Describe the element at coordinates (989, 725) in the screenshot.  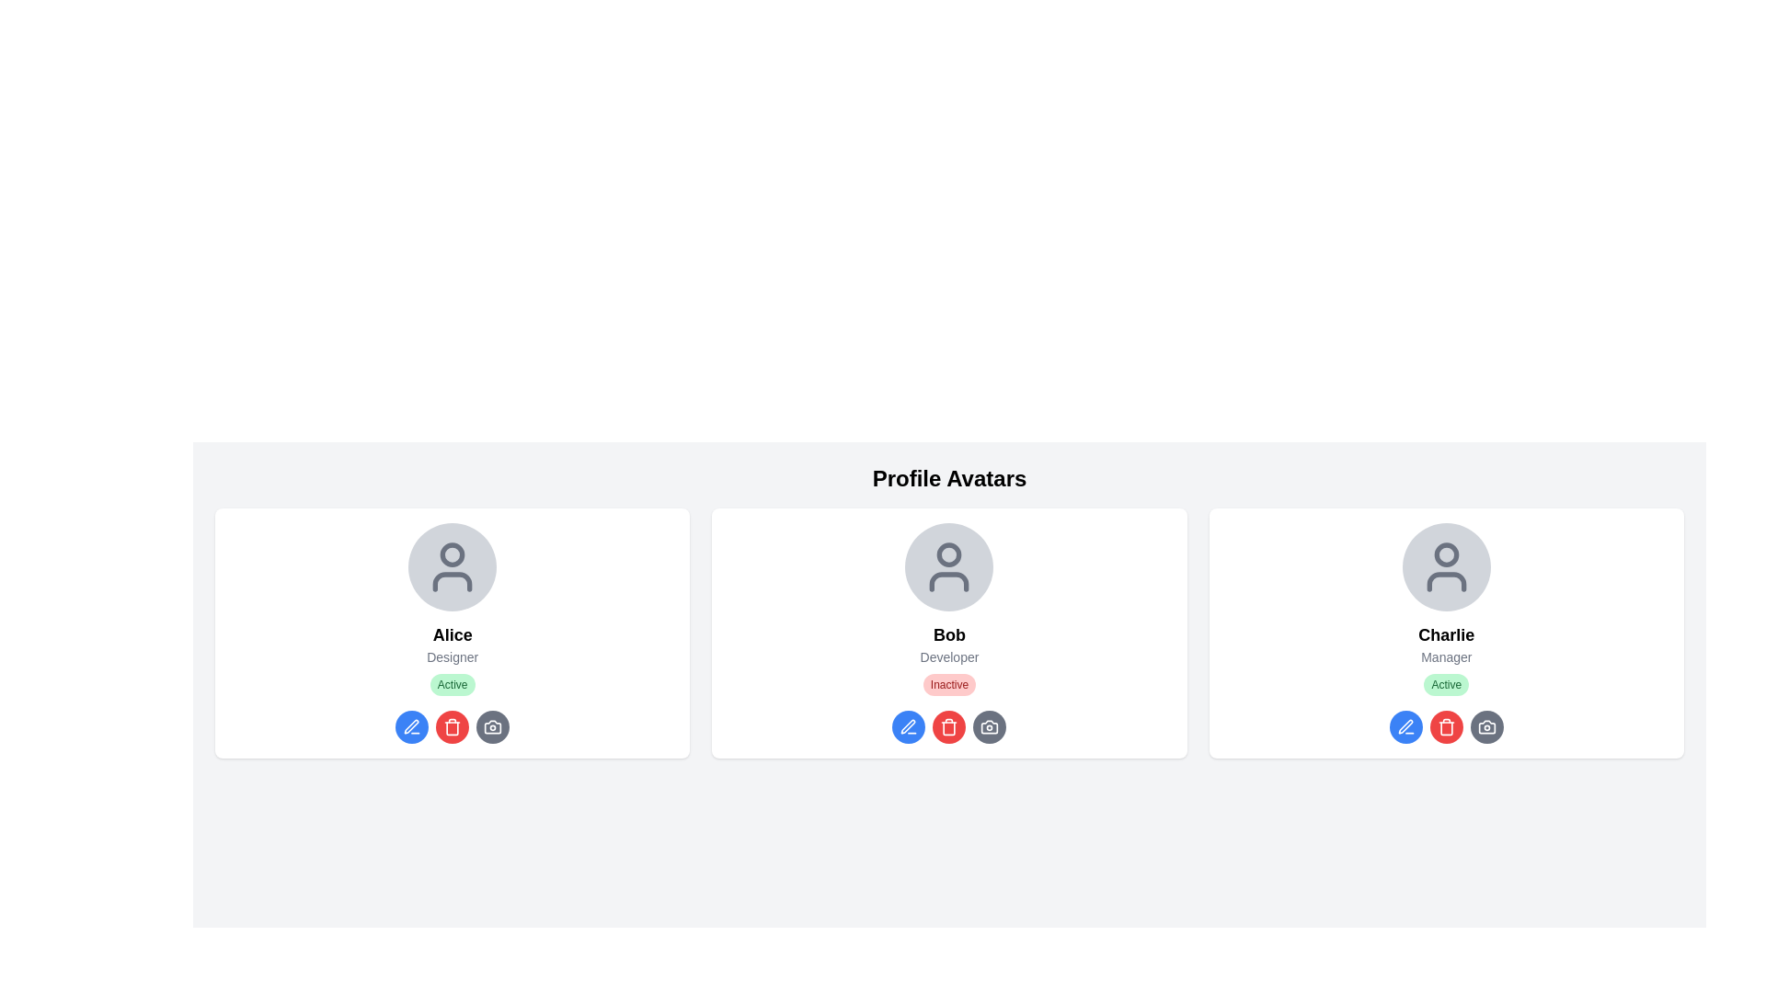
I see `the rightmost camera icon in the actions section below Bob's profile card` at that location.